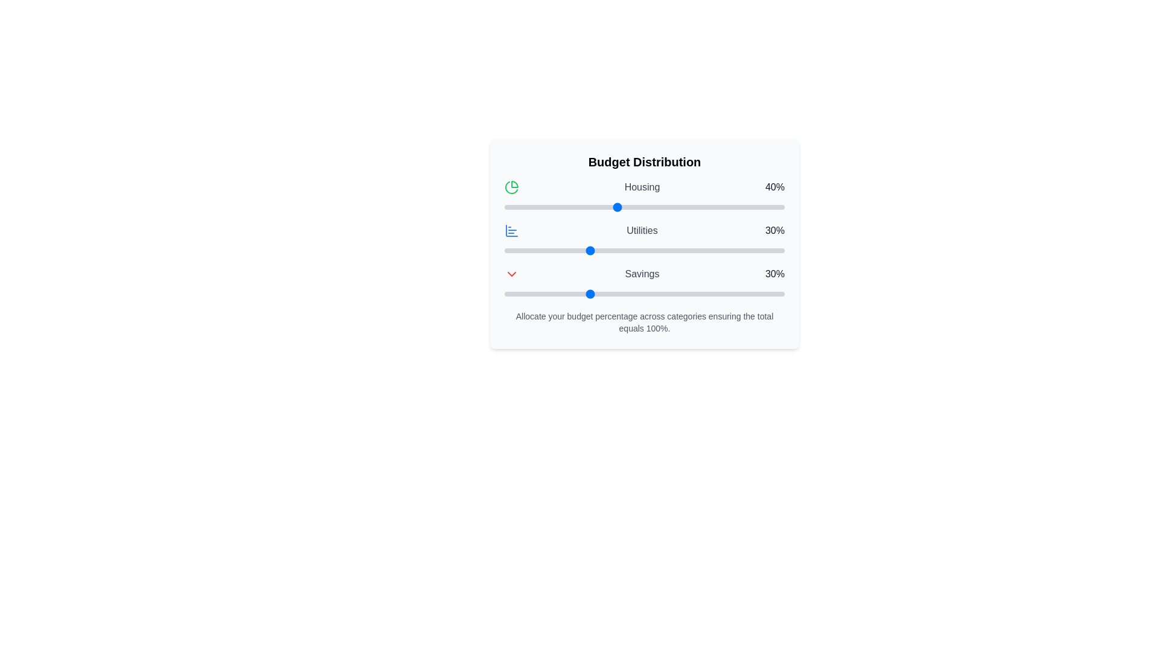 This screenshot has height=651, width=1159. What do you see at coordinates (674, 206) in the screenshot?
I see `the Housing percentage slider` at bounding box center [674, 206].